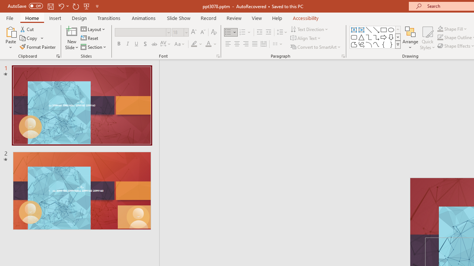 The image size is (474, 266). Describe the element at coordinates (361, 37) in the screenshot. I see `'Isosceles Triangle'` at that location.